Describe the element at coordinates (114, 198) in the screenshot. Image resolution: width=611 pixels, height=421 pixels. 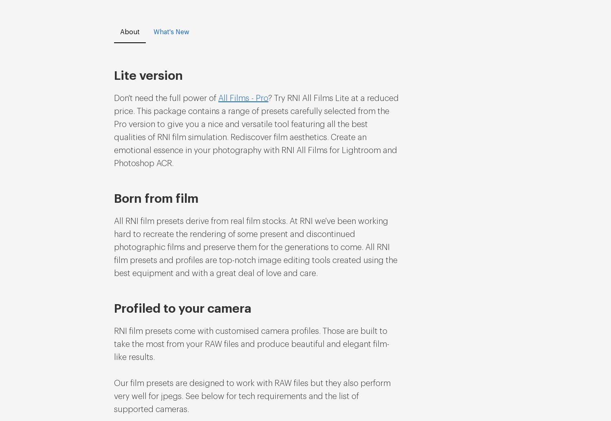
I see `'Born from film'` at that location.